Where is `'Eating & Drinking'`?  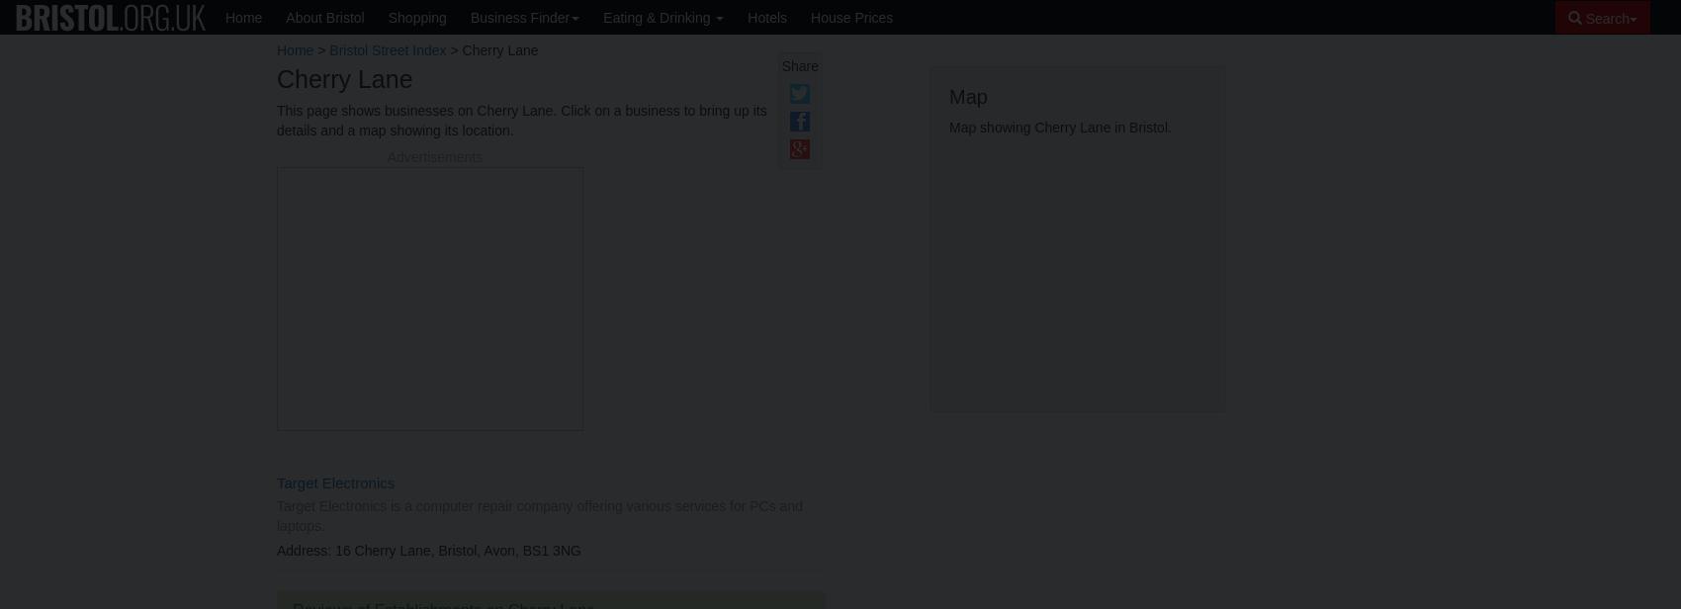 'Eating & Drinking' is located at coordinates (659, 17).